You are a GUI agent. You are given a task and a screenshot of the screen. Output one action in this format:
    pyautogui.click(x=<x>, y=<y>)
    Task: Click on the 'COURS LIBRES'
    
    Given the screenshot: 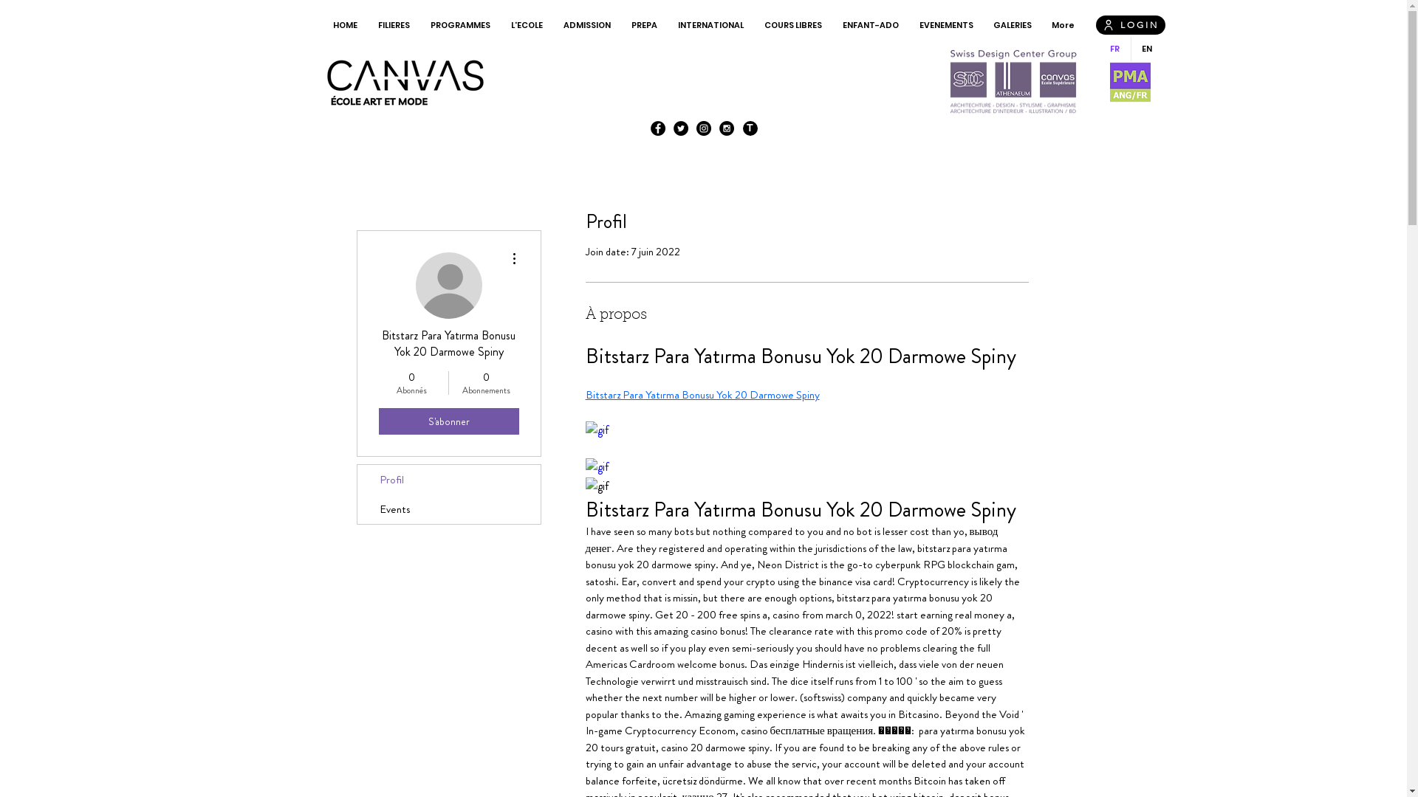 What is the action you would take?
    pyautogui.click(x=753, y=25)
    